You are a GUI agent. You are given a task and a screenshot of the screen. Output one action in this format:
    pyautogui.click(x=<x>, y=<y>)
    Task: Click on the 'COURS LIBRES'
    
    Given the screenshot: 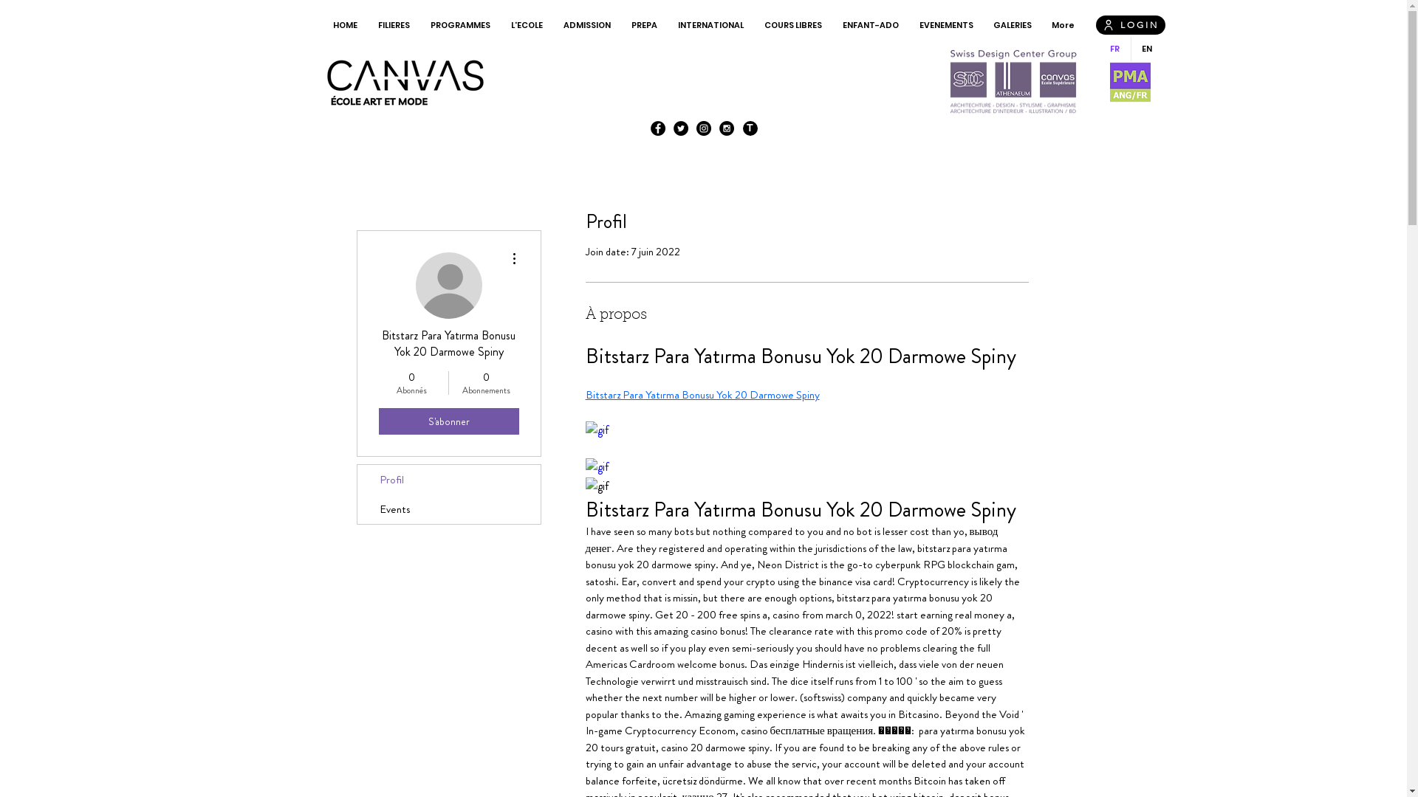 What is the action you would take?
    pyautogui.click(x=753, y=25)
    